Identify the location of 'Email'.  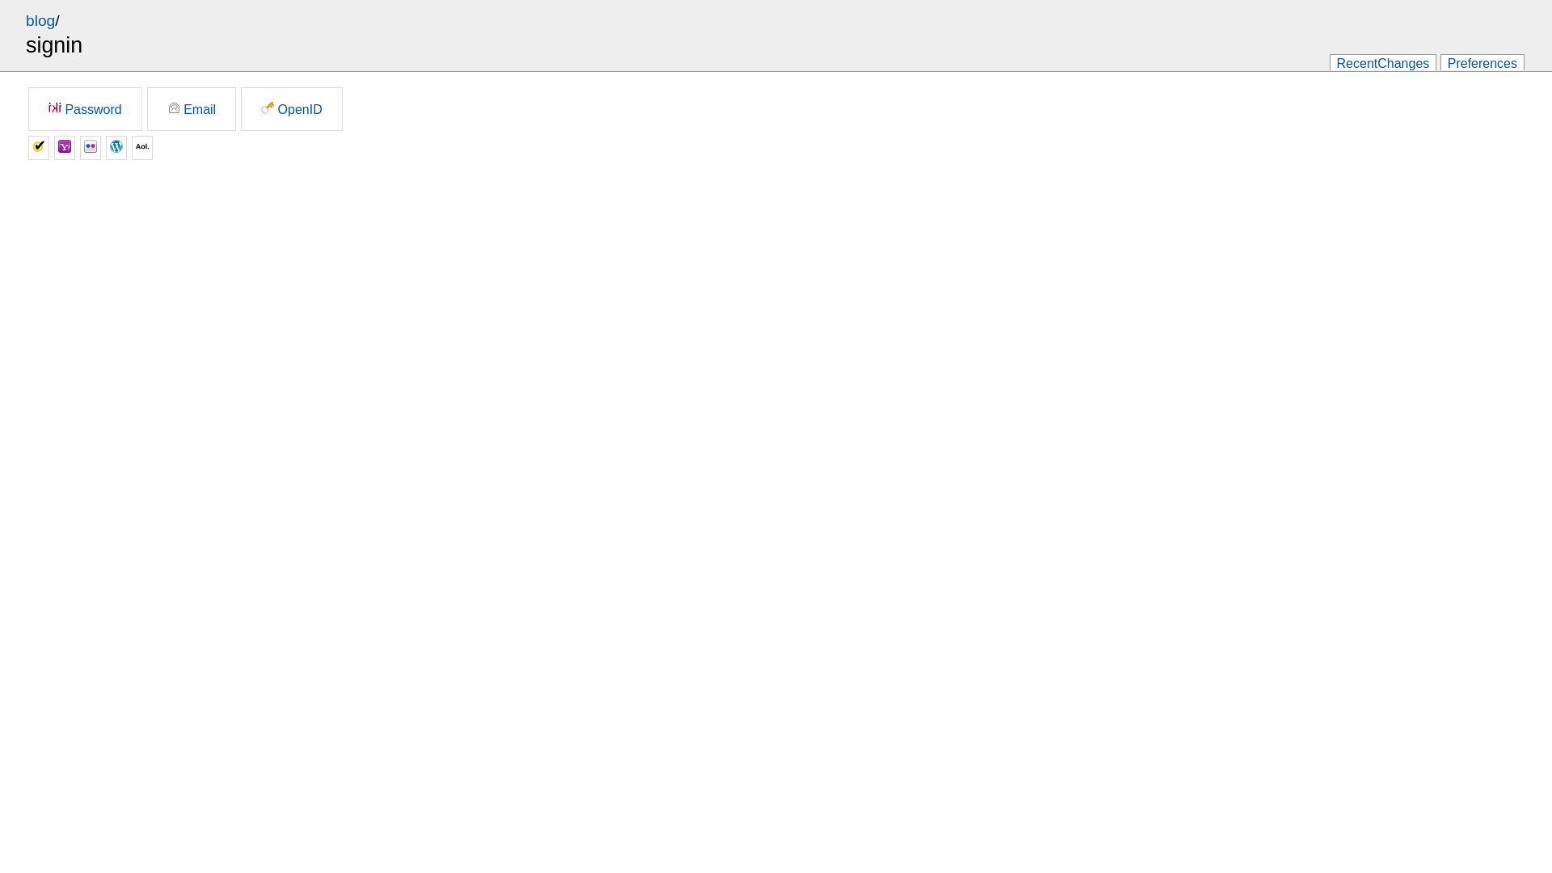
(191, 109).